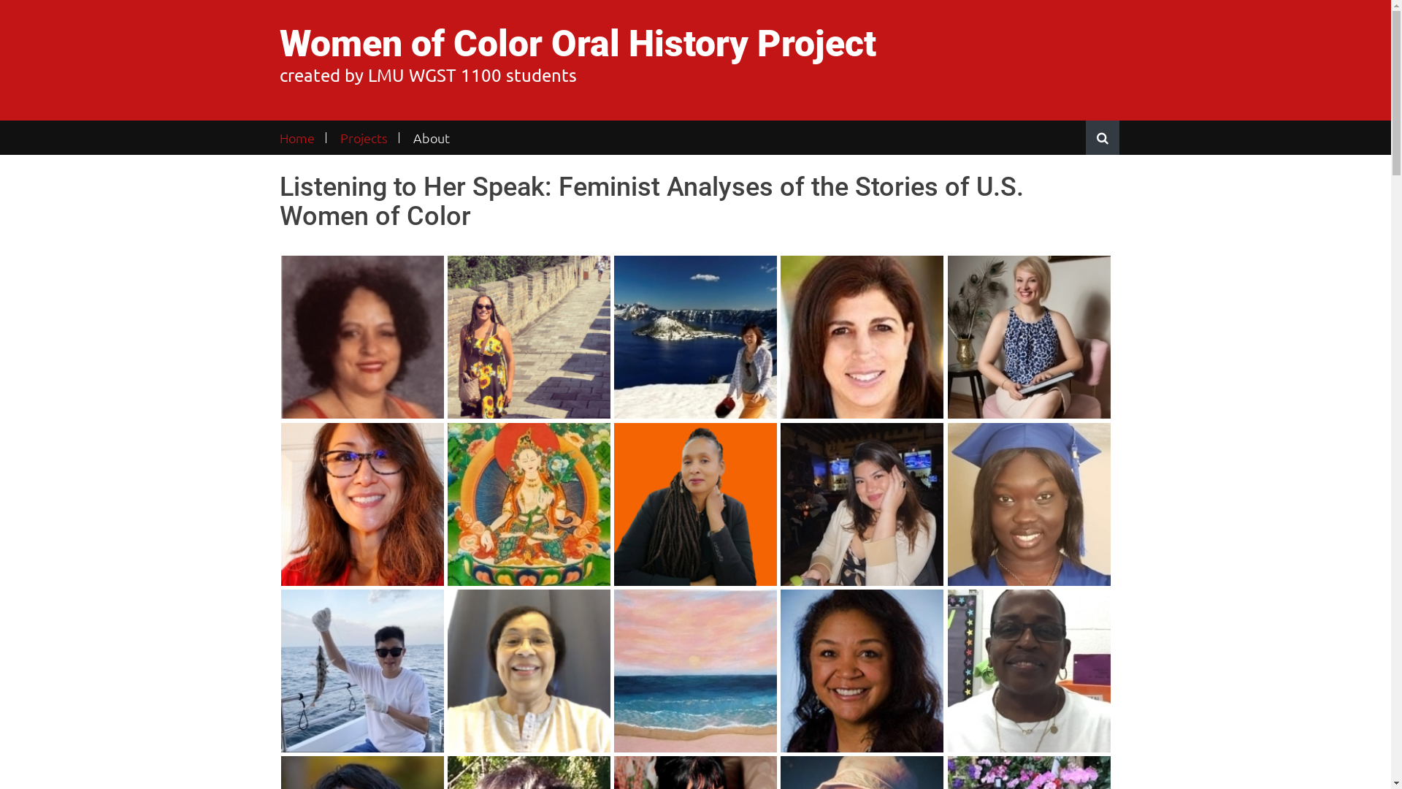 This screenshot has width=1402, height=789. Describe the element at coordinates (328, 137) in the screenshot. I see `'Projects'` at that location.